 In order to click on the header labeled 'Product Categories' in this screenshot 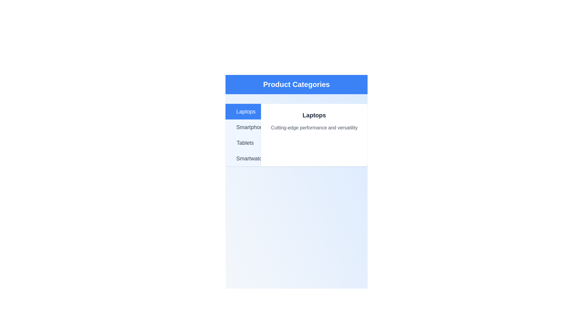, I will do `click(296, 85)`.